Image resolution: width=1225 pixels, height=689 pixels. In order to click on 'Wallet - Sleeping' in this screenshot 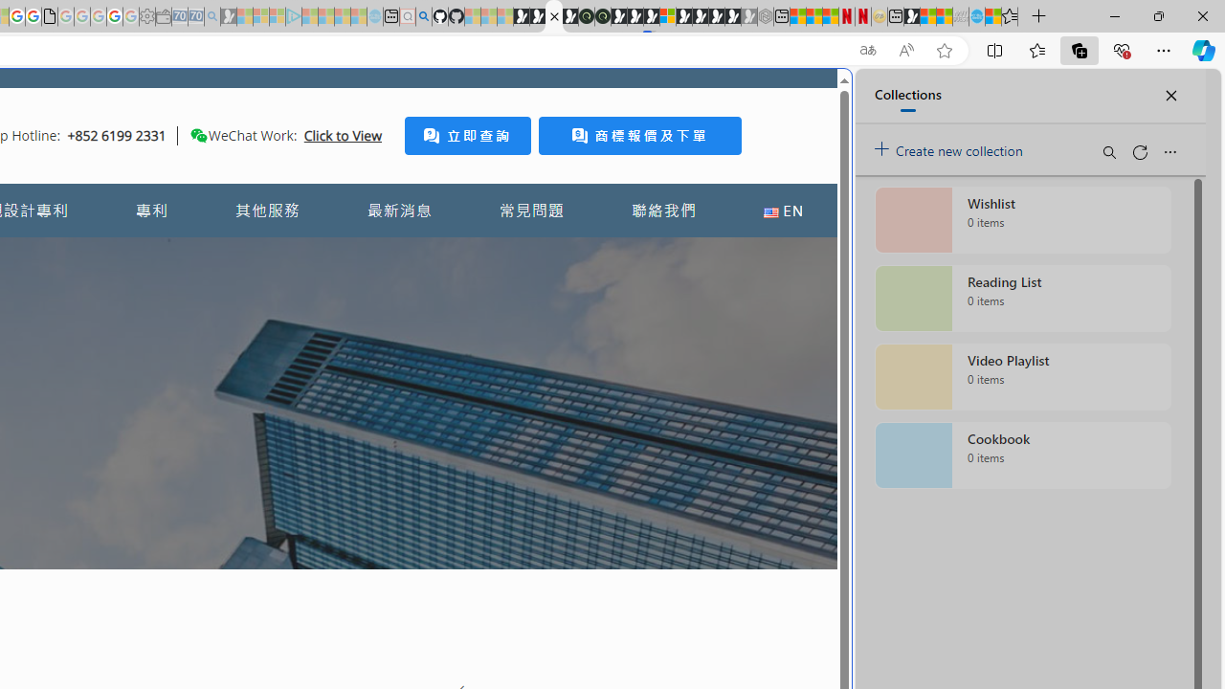, I will do `click(163, 16)`.